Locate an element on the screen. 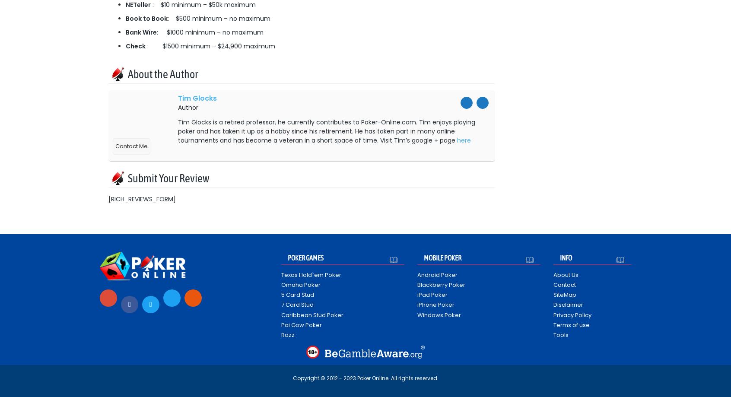  'Terms of use' is located at coordinates (571, 324).